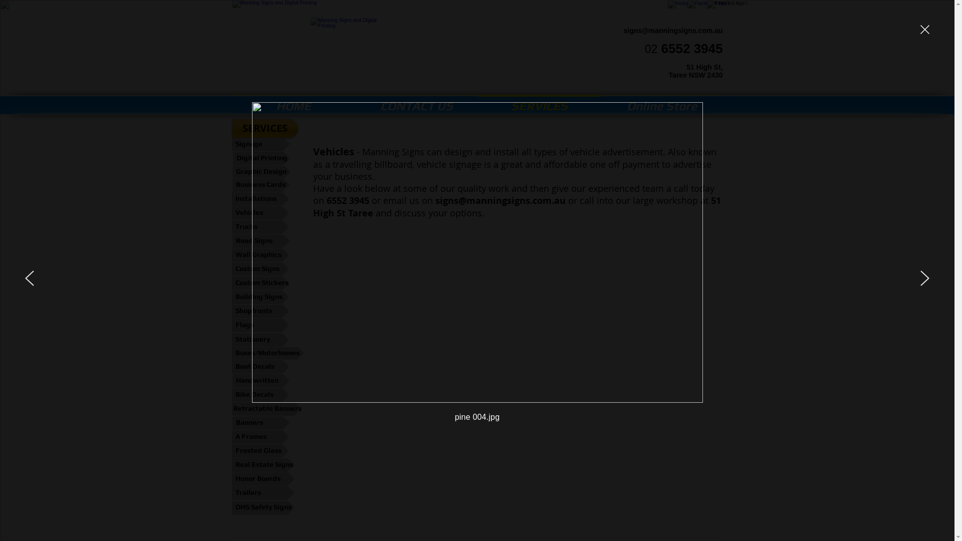 The width and height of the screenshot is (962, 541). I want to click on 'Vehicles', so click(230, 212).